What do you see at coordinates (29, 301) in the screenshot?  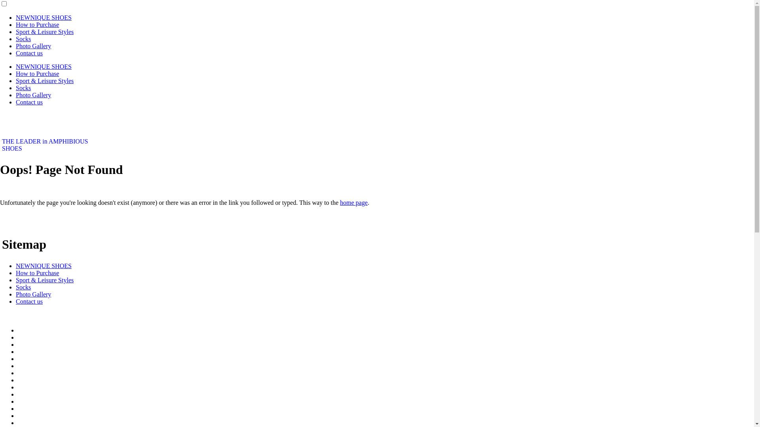 I see `'Contact us'` at bounding box center [29, 301].